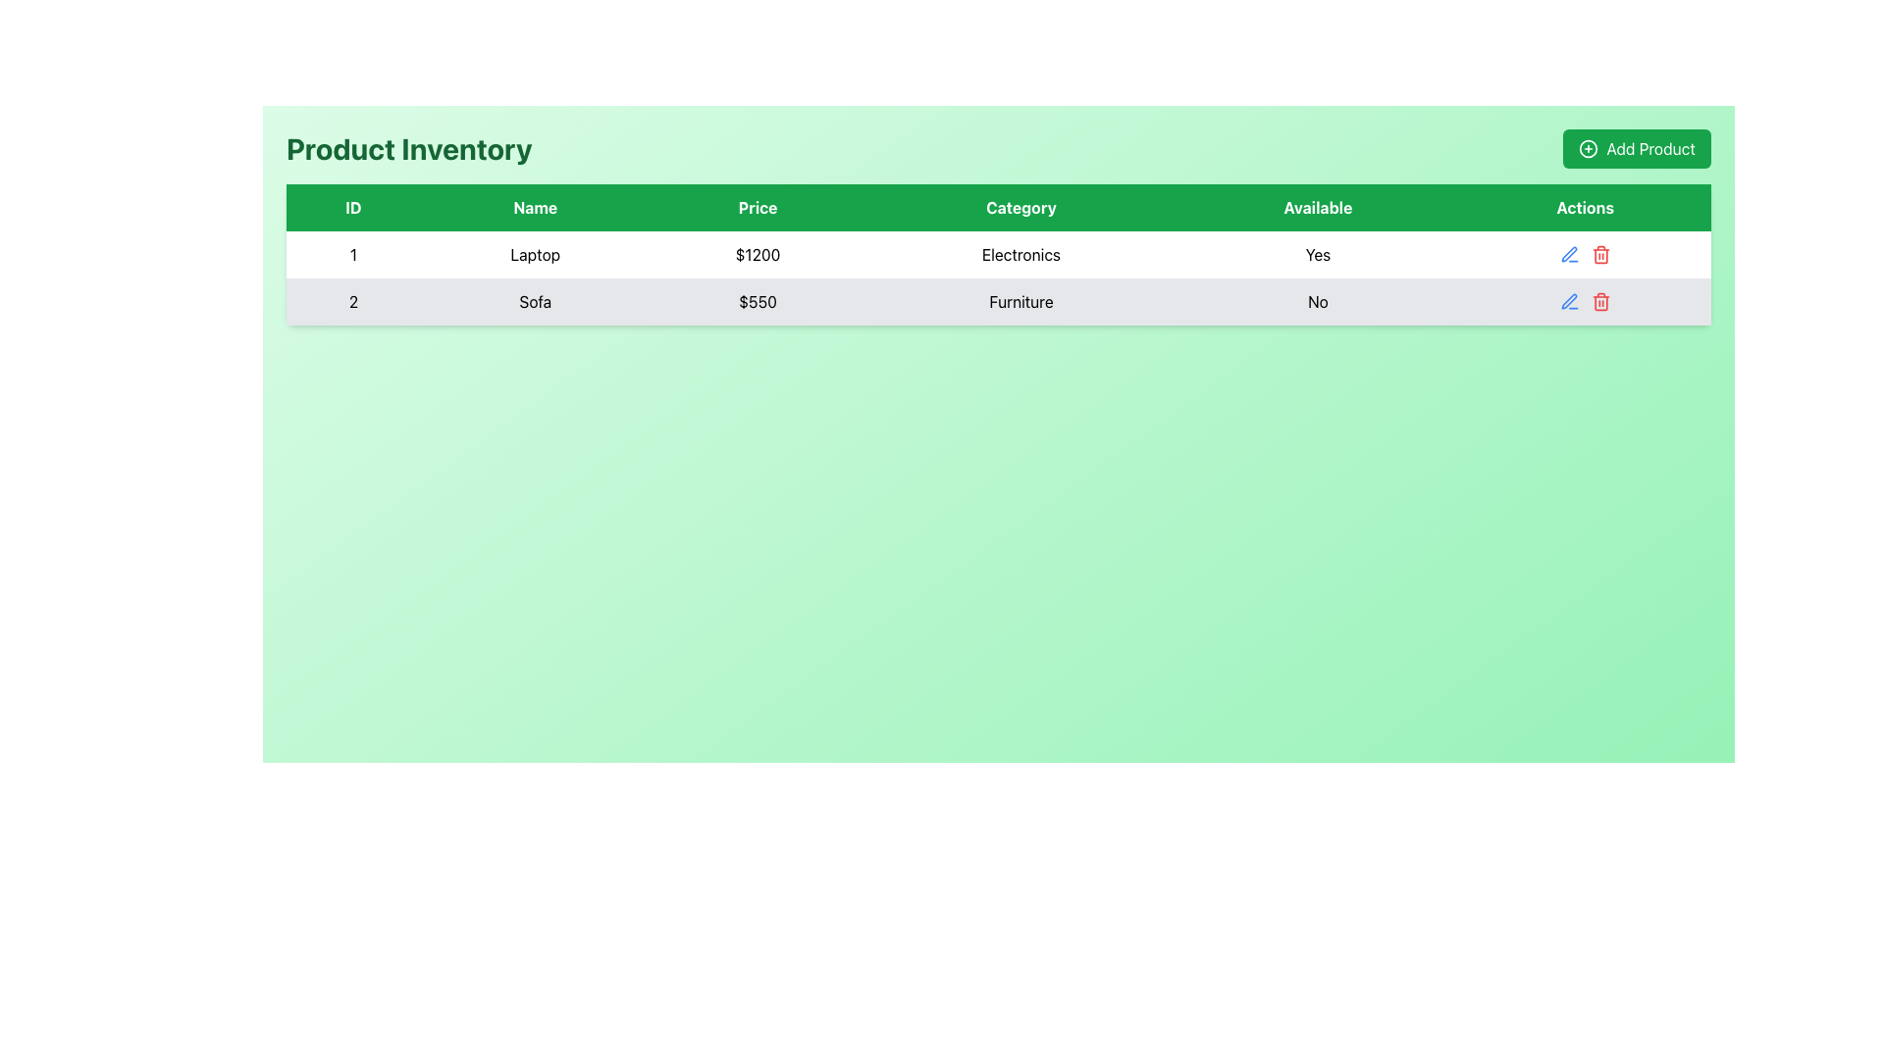  What do you see at coordinates (1585, 208) in the screenshot?
I see `elements nearby based on the 'Actions' label in the table header located at the top-right corner of the table` at bounding box center [1585, 208].